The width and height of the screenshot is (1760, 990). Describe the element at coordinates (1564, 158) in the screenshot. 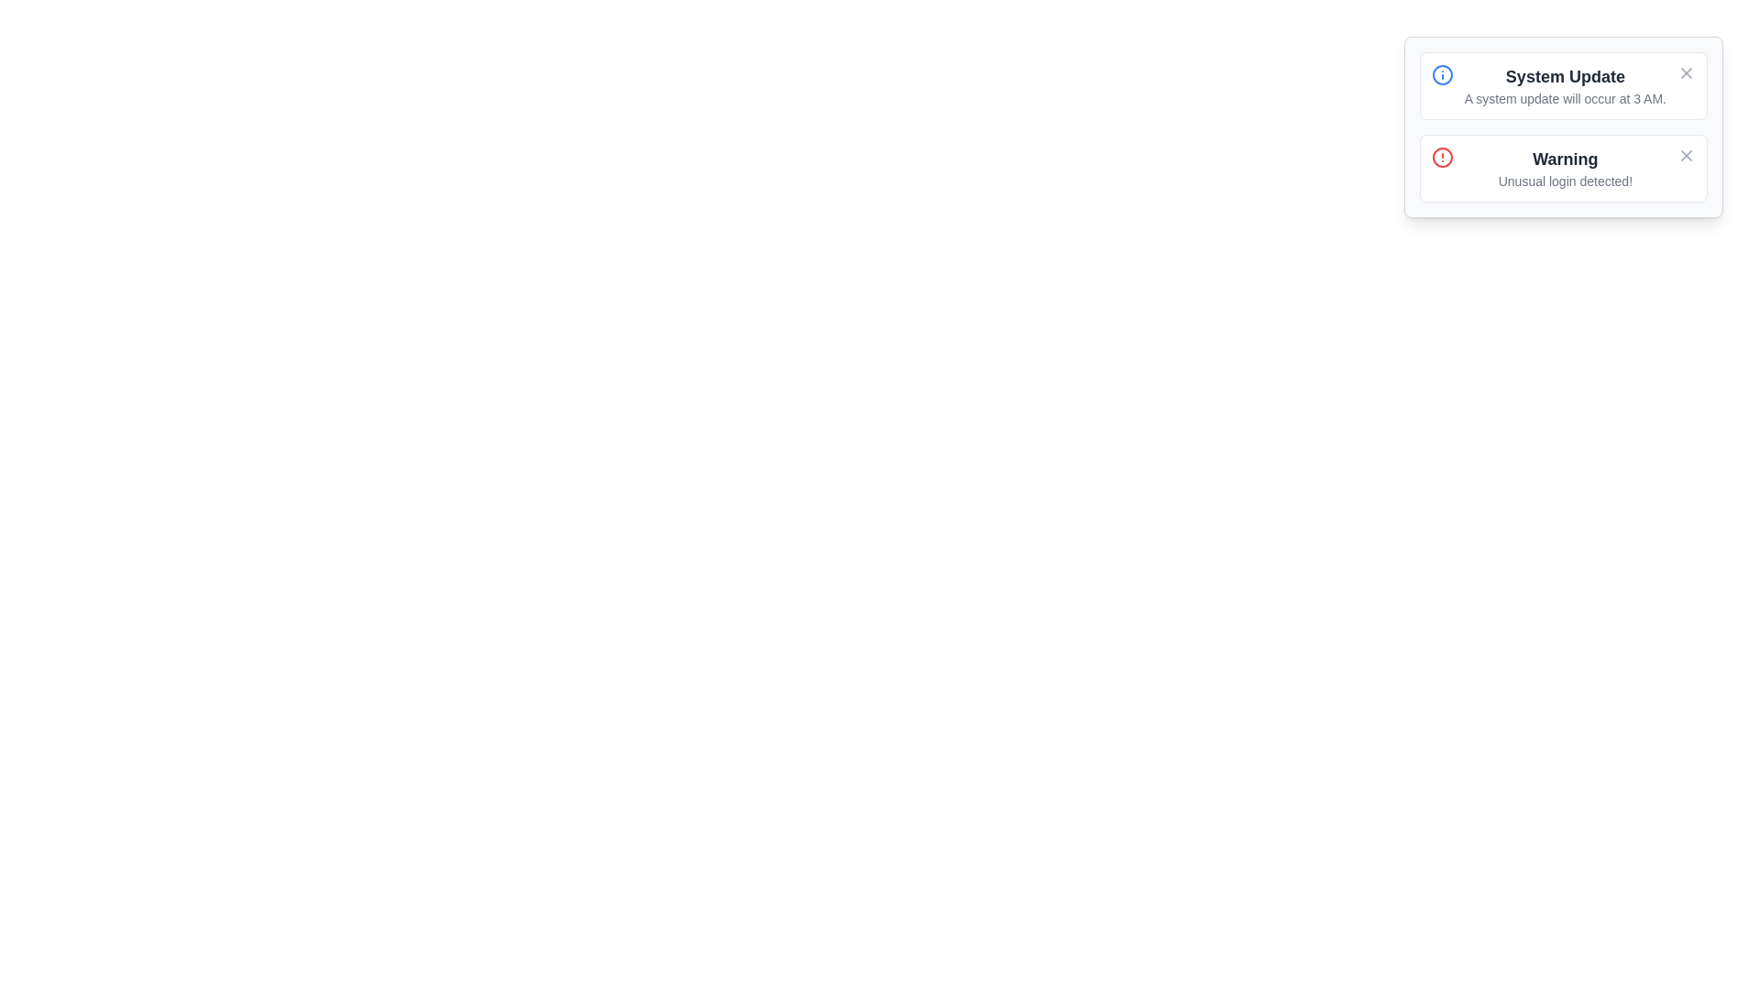

I see `text content of the 'Warning' label which is styled prominently in bold and dark color, indicating an alert message` at that location.